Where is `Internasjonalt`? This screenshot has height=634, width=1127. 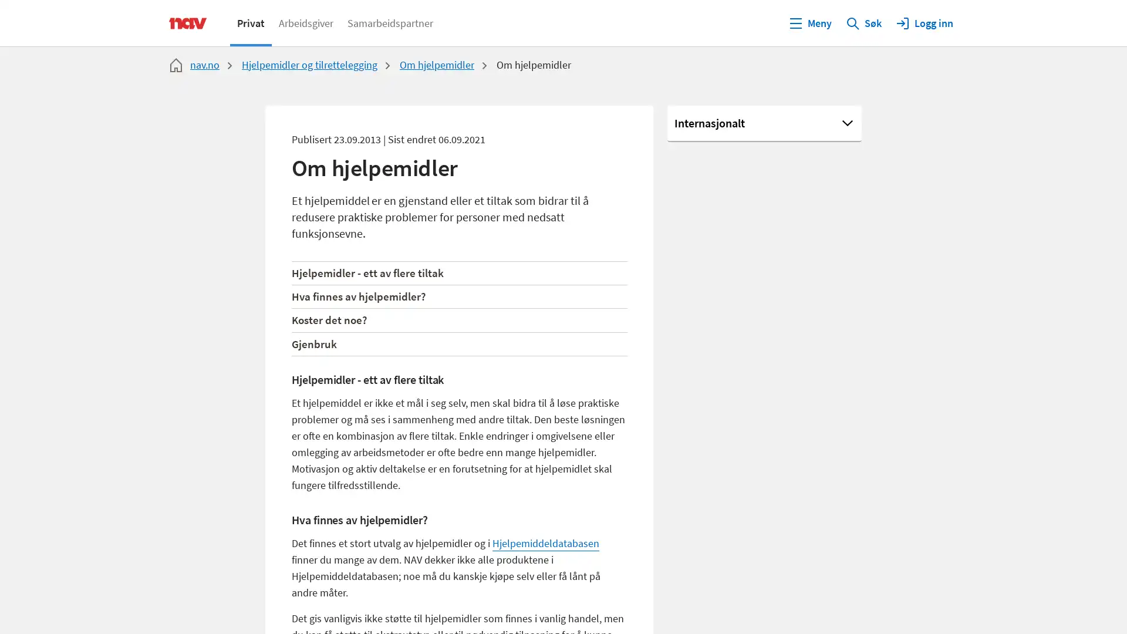
Internasjonalt is located at coordinates (764, 124).